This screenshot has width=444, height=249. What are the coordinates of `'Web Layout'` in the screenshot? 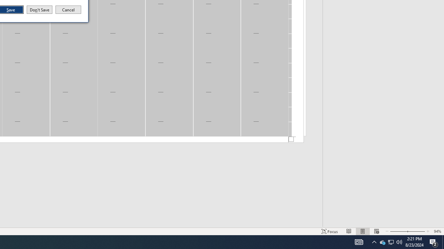 It's located at (382, 241).